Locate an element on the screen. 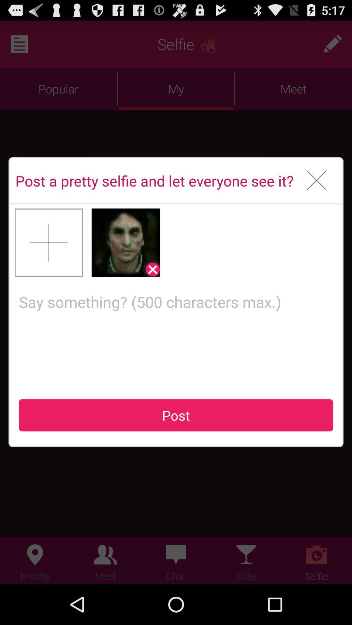 Image resolution: width=352 pixels, height=625 pixels. the close icon is located at coordinates (316, 193).